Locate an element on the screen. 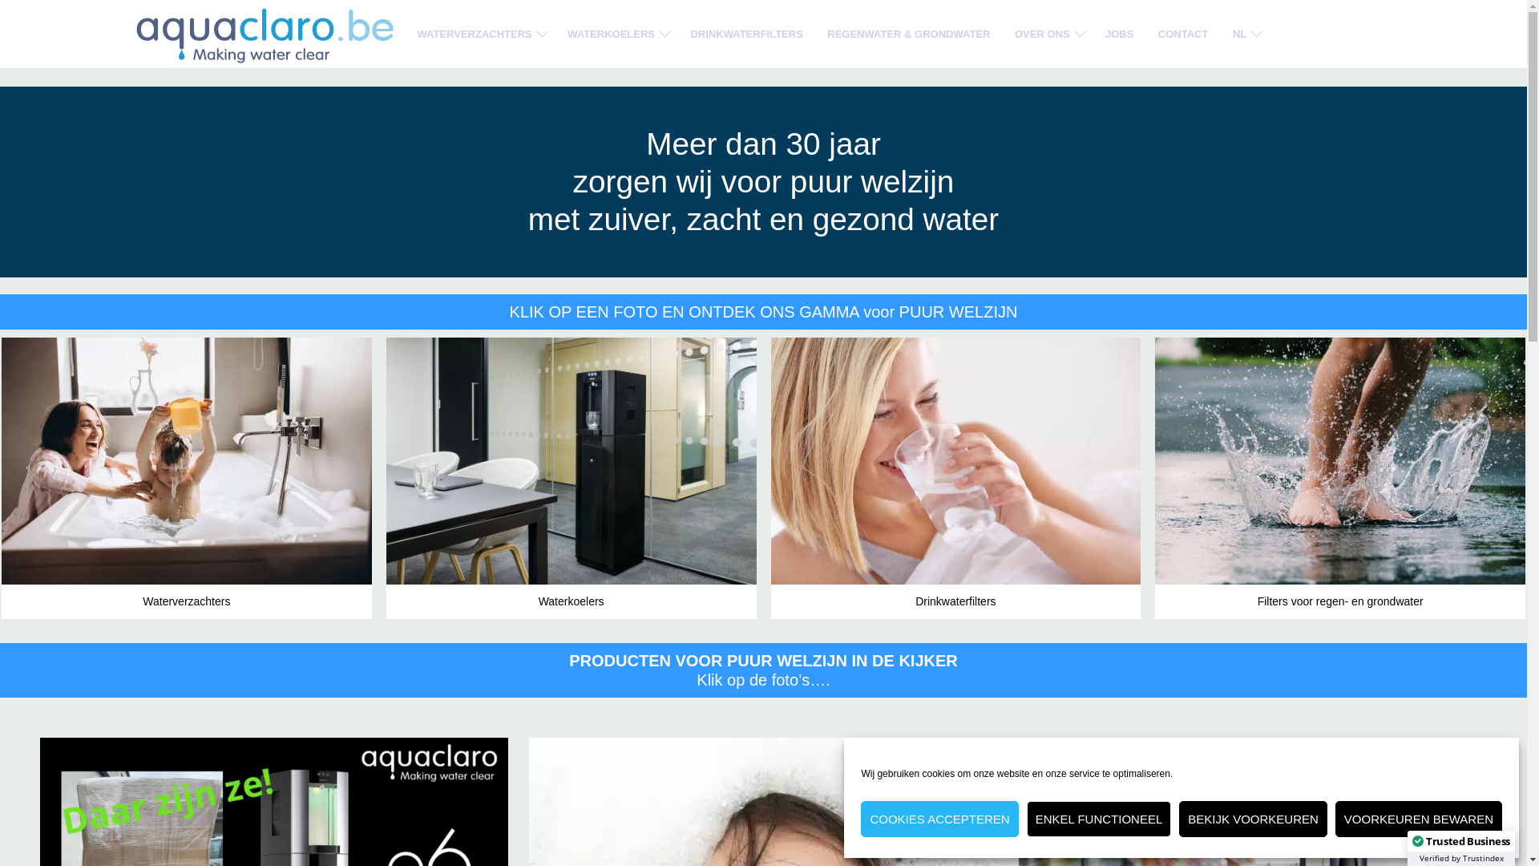  'Filters voor regen- en grondwater' is located at coordinates (1339, 477).